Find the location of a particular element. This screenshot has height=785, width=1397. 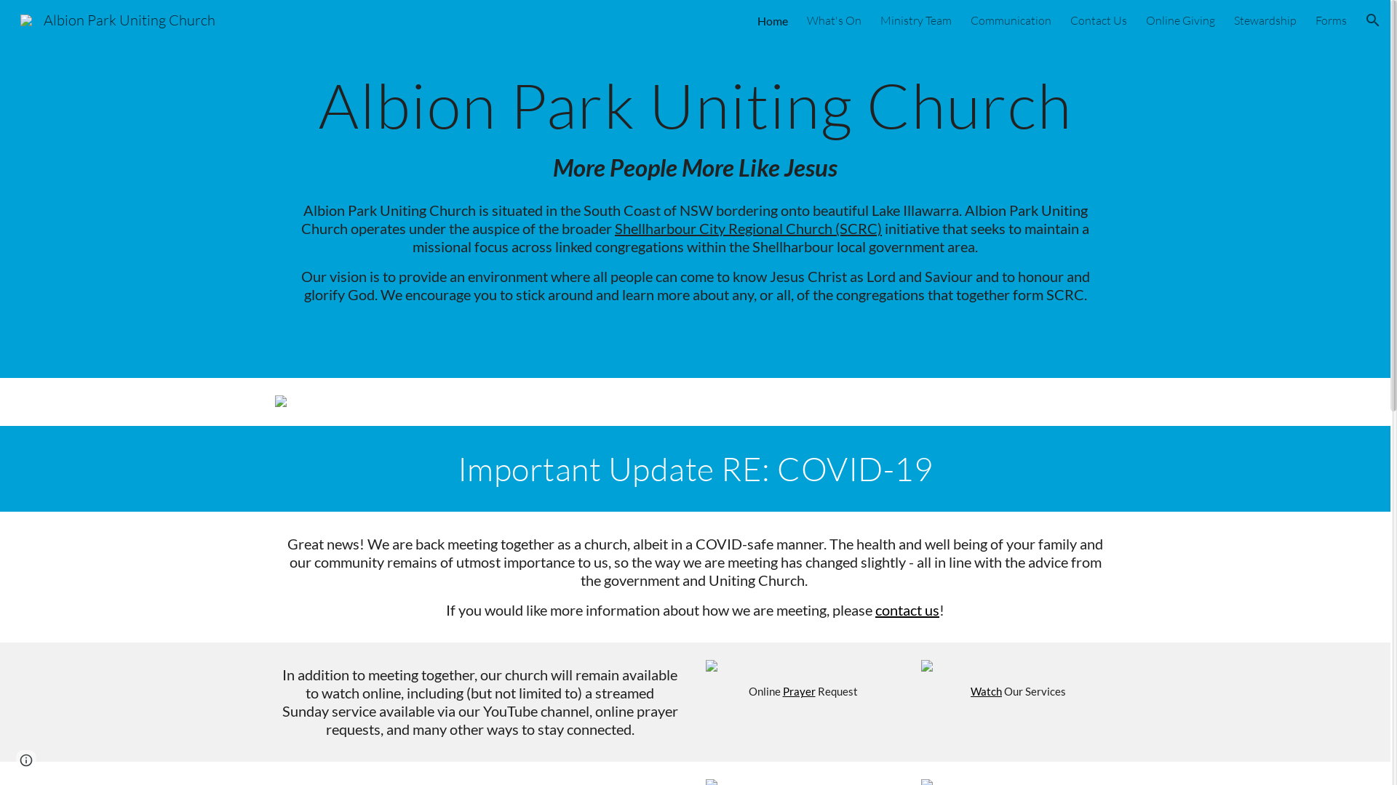

'What's On' is located at coordinates (834, 20).